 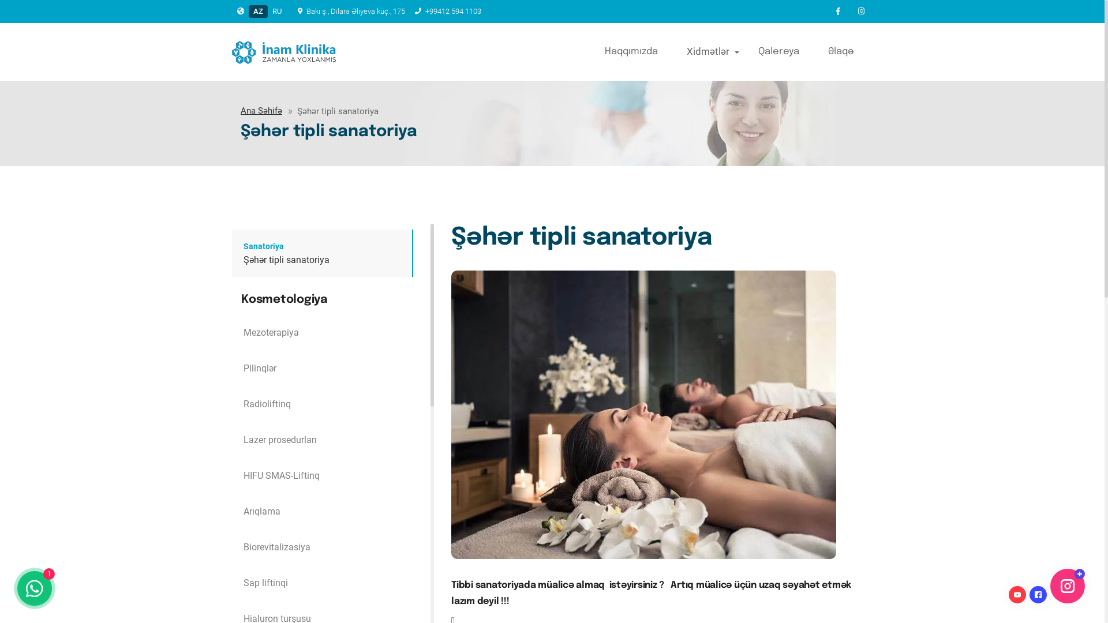 I want to click on 'facebook', so click(x=825, y=11).